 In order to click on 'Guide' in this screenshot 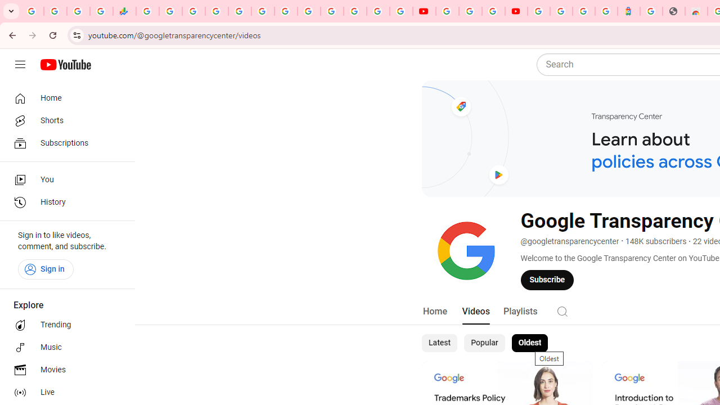, I will do `click(20, 65)`.